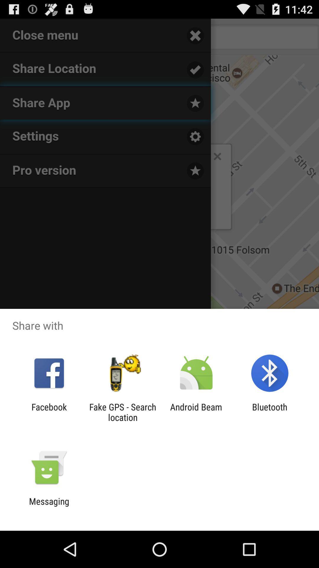 This screenshot has width=319, height=568. What do you see at coordinates (270, 412) in the screenshot?
I see `app to the right of android beam` at bounding box center [270, 412].